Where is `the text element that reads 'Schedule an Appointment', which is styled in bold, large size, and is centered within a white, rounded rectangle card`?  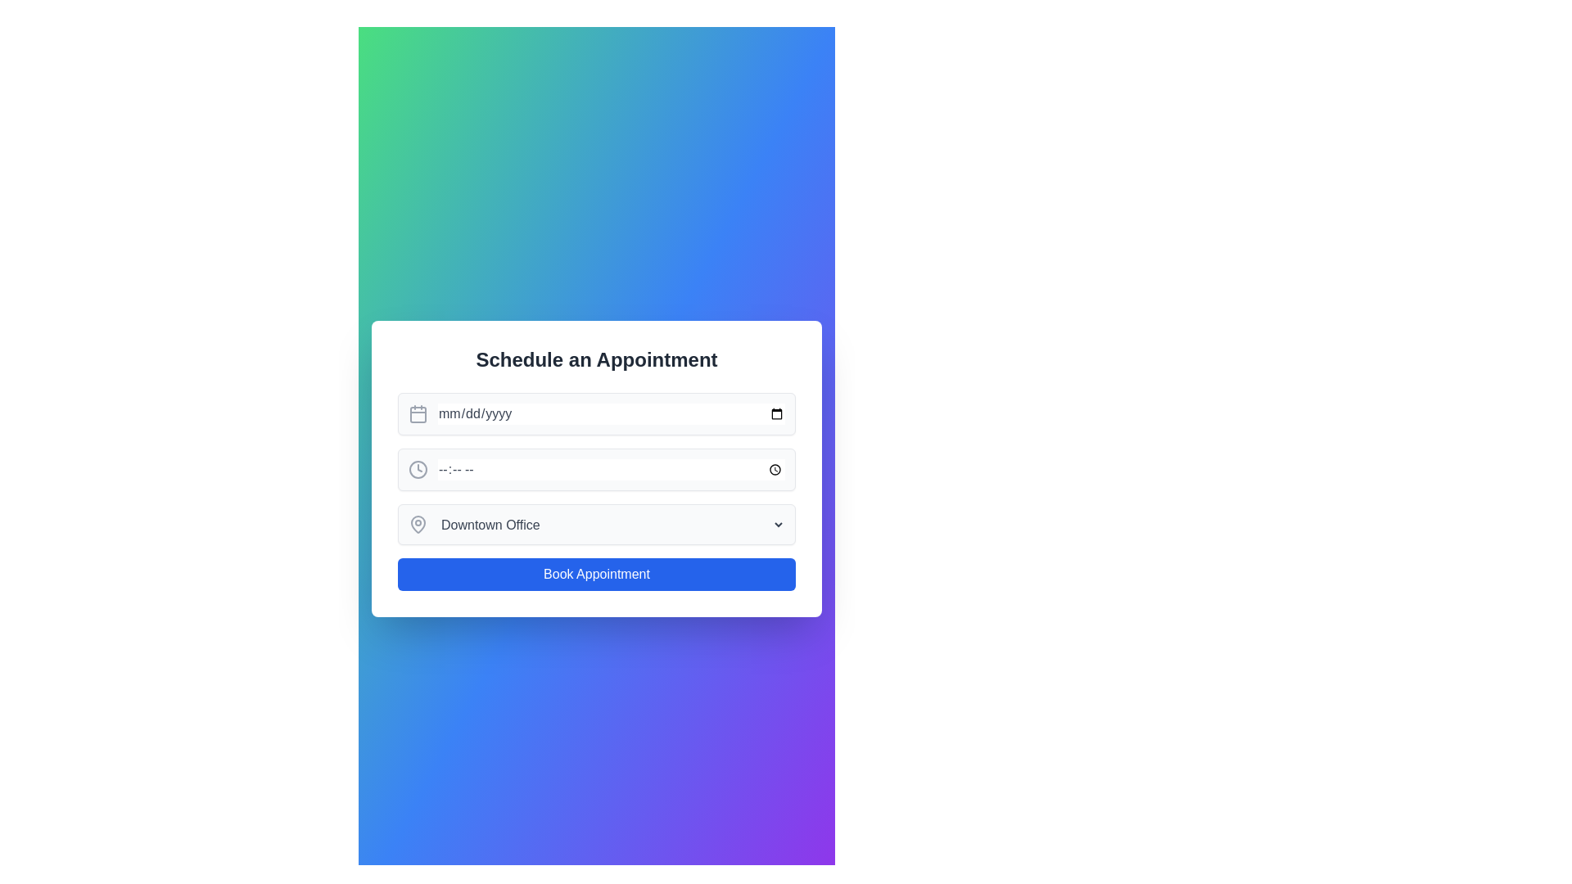
the text element that reads 'Schedule an Appointment', which is styled in bold, large size, and is centered within a white, rounded rectangle card is located at coordinates (596, 359).